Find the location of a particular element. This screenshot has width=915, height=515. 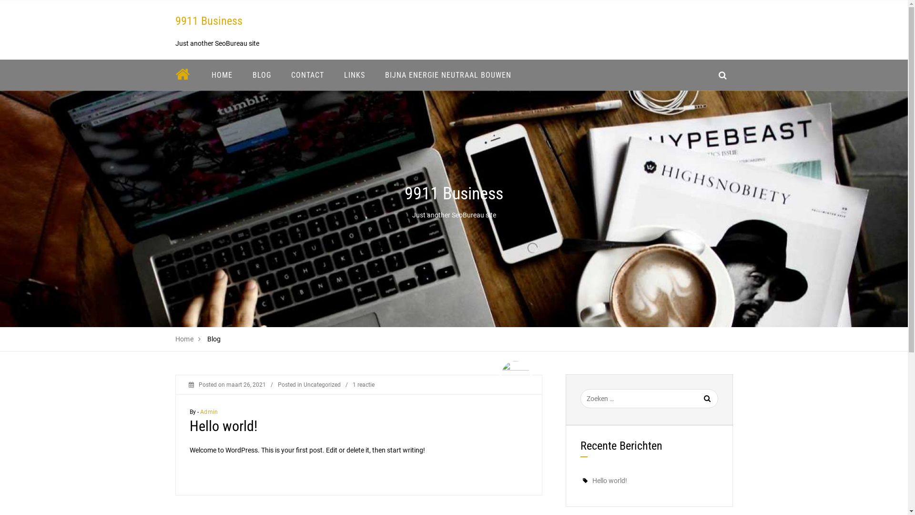

'Hello world!' is located at coordinates (609, 480).